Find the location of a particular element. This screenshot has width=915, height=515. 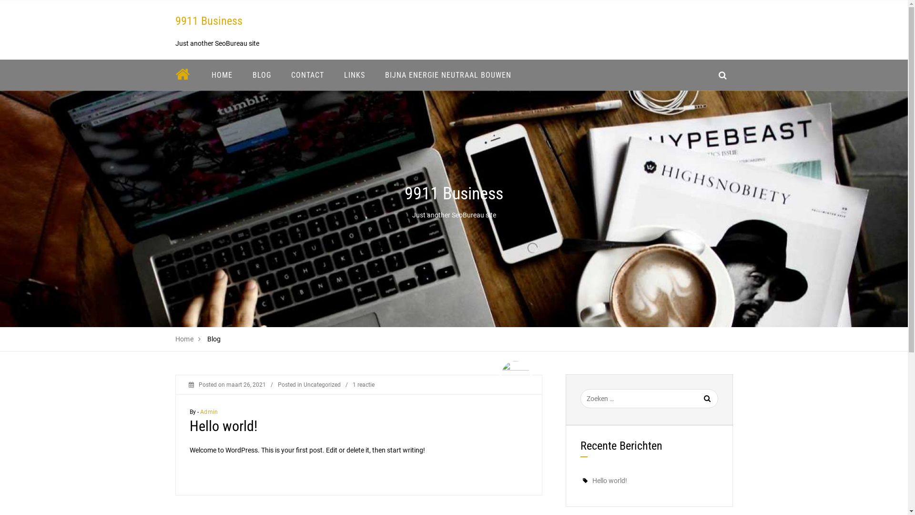

'Hello world!' is located at coordinates (609, 480).